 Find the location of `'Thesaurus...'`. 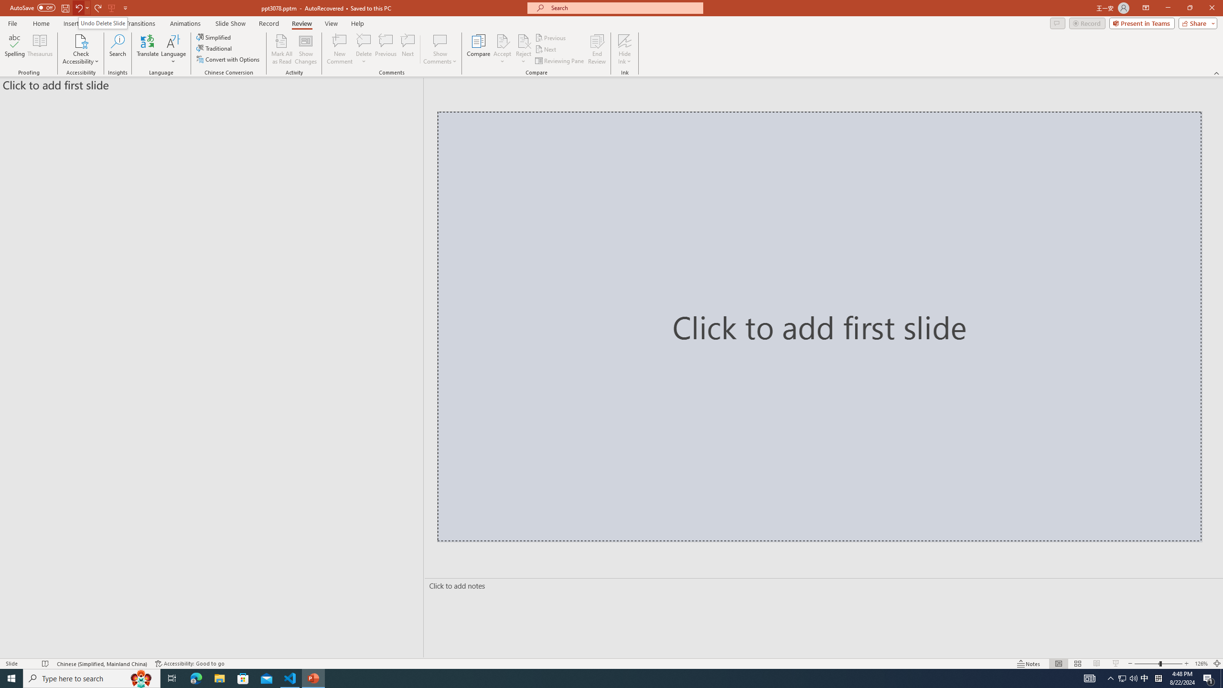

'Thesaurus...' is located at coordinates (39, 49).